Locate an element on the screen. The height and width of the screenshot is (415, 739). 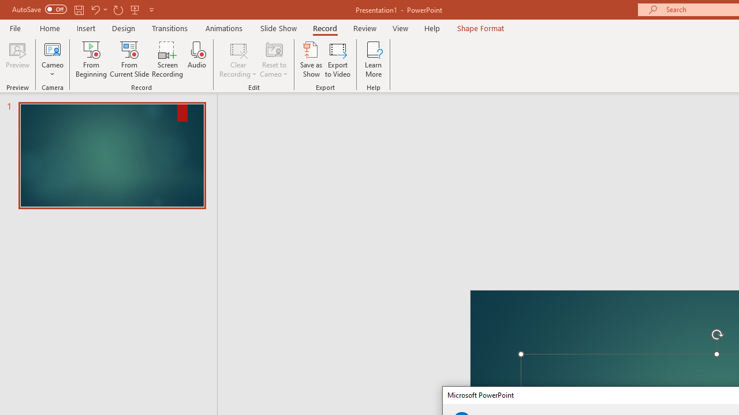
'Shape Format' is located at coordinates (480, 28).